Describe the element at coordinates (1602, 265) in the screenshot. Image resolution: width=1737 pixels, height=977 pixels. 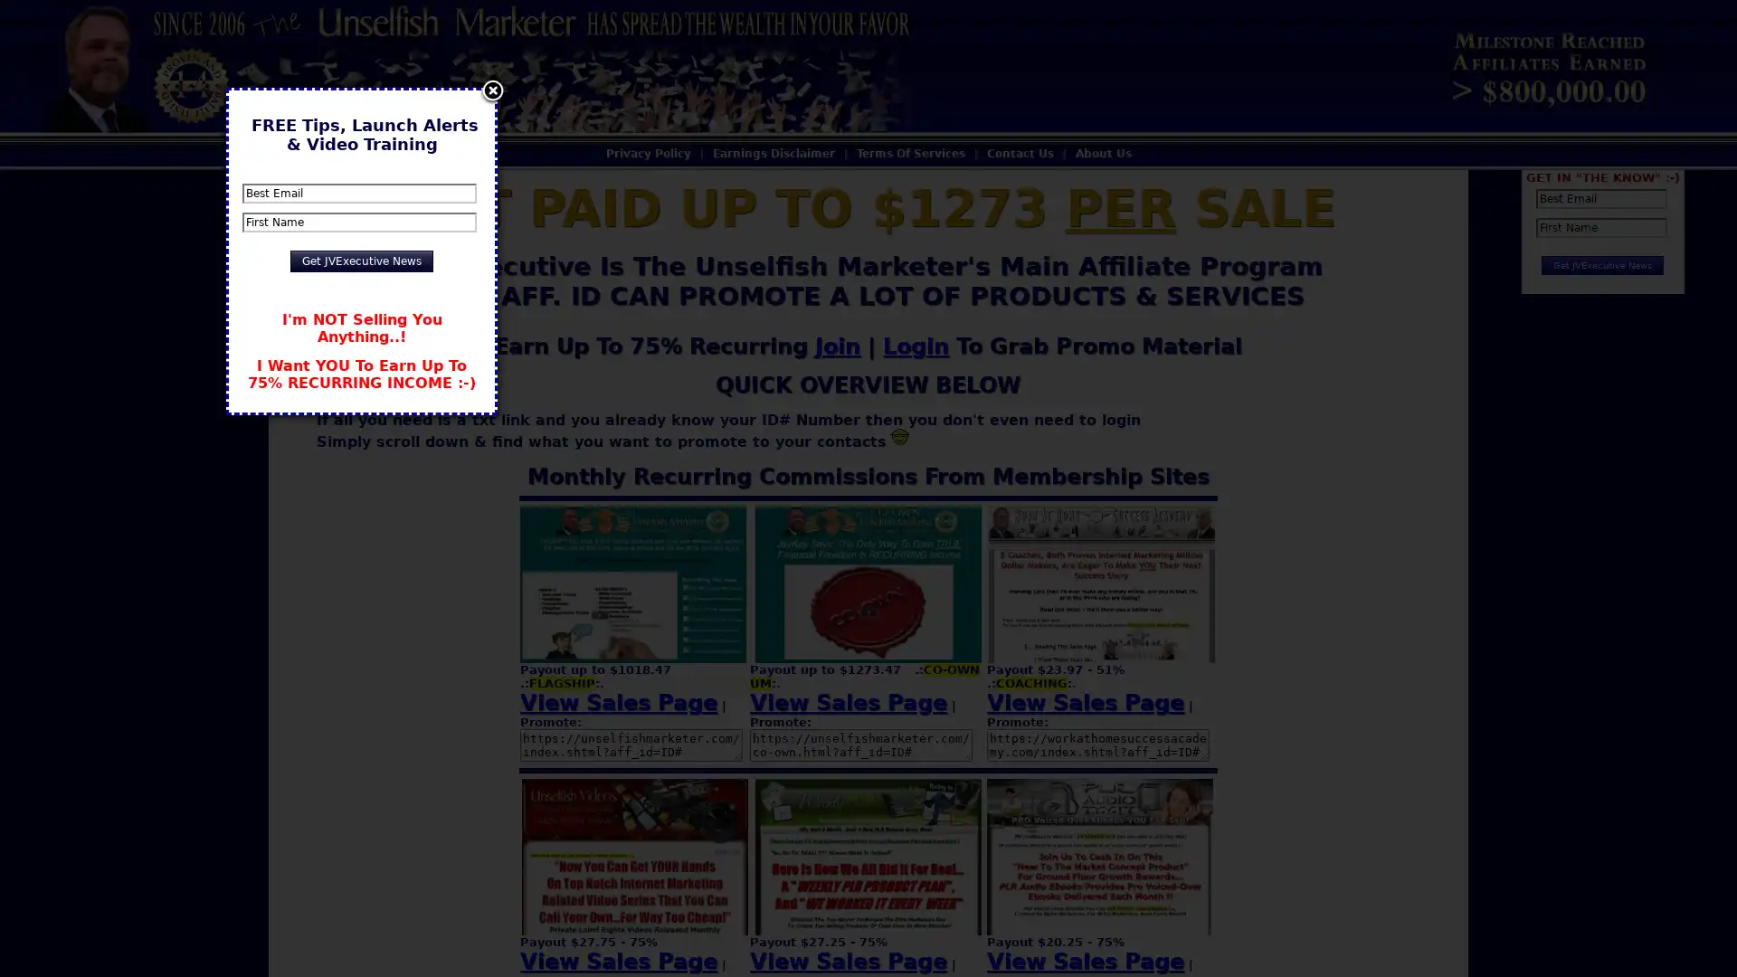
I see `Get JVExecutive News` at that location.